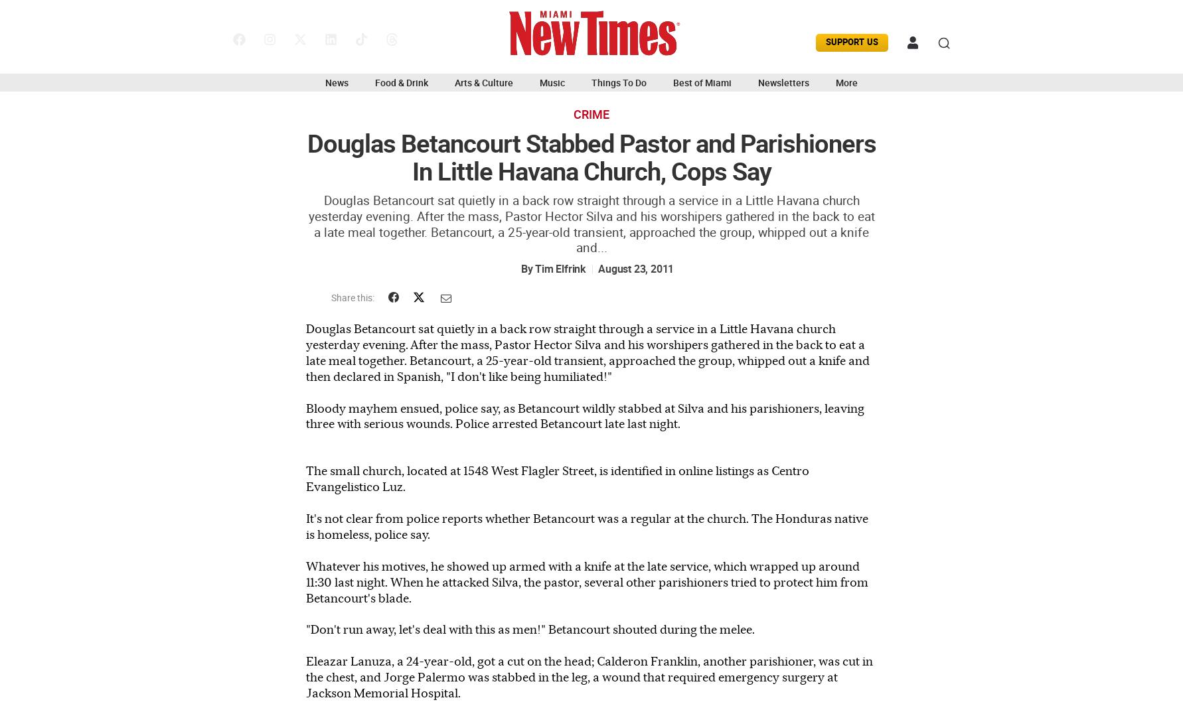  I want to click on 'Best of Miami', so click(701, 83).